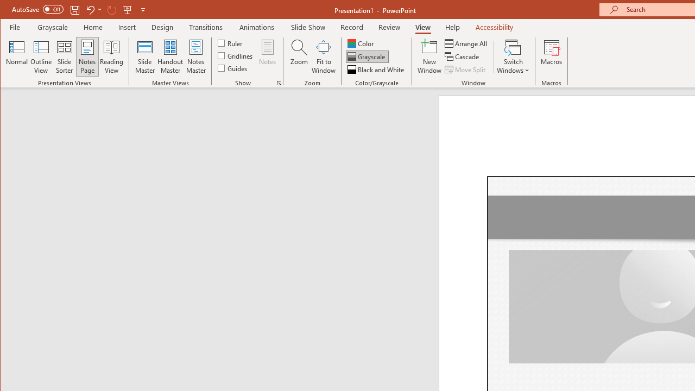 The image size is (695, 391). Describe the element at coordinates (552, 56) in the screenshot. I see `'Macros'` at that location.